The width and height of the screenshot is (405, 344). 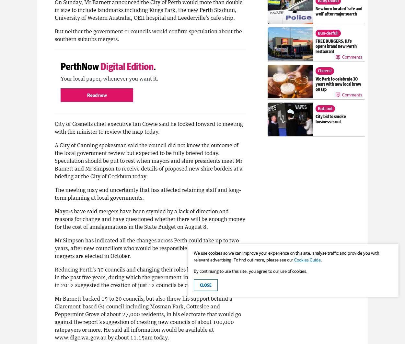 What do you see at coordinates (80, 65) in the screenshot?
I see `'PerthNow'` at bounding box center [80, 65].